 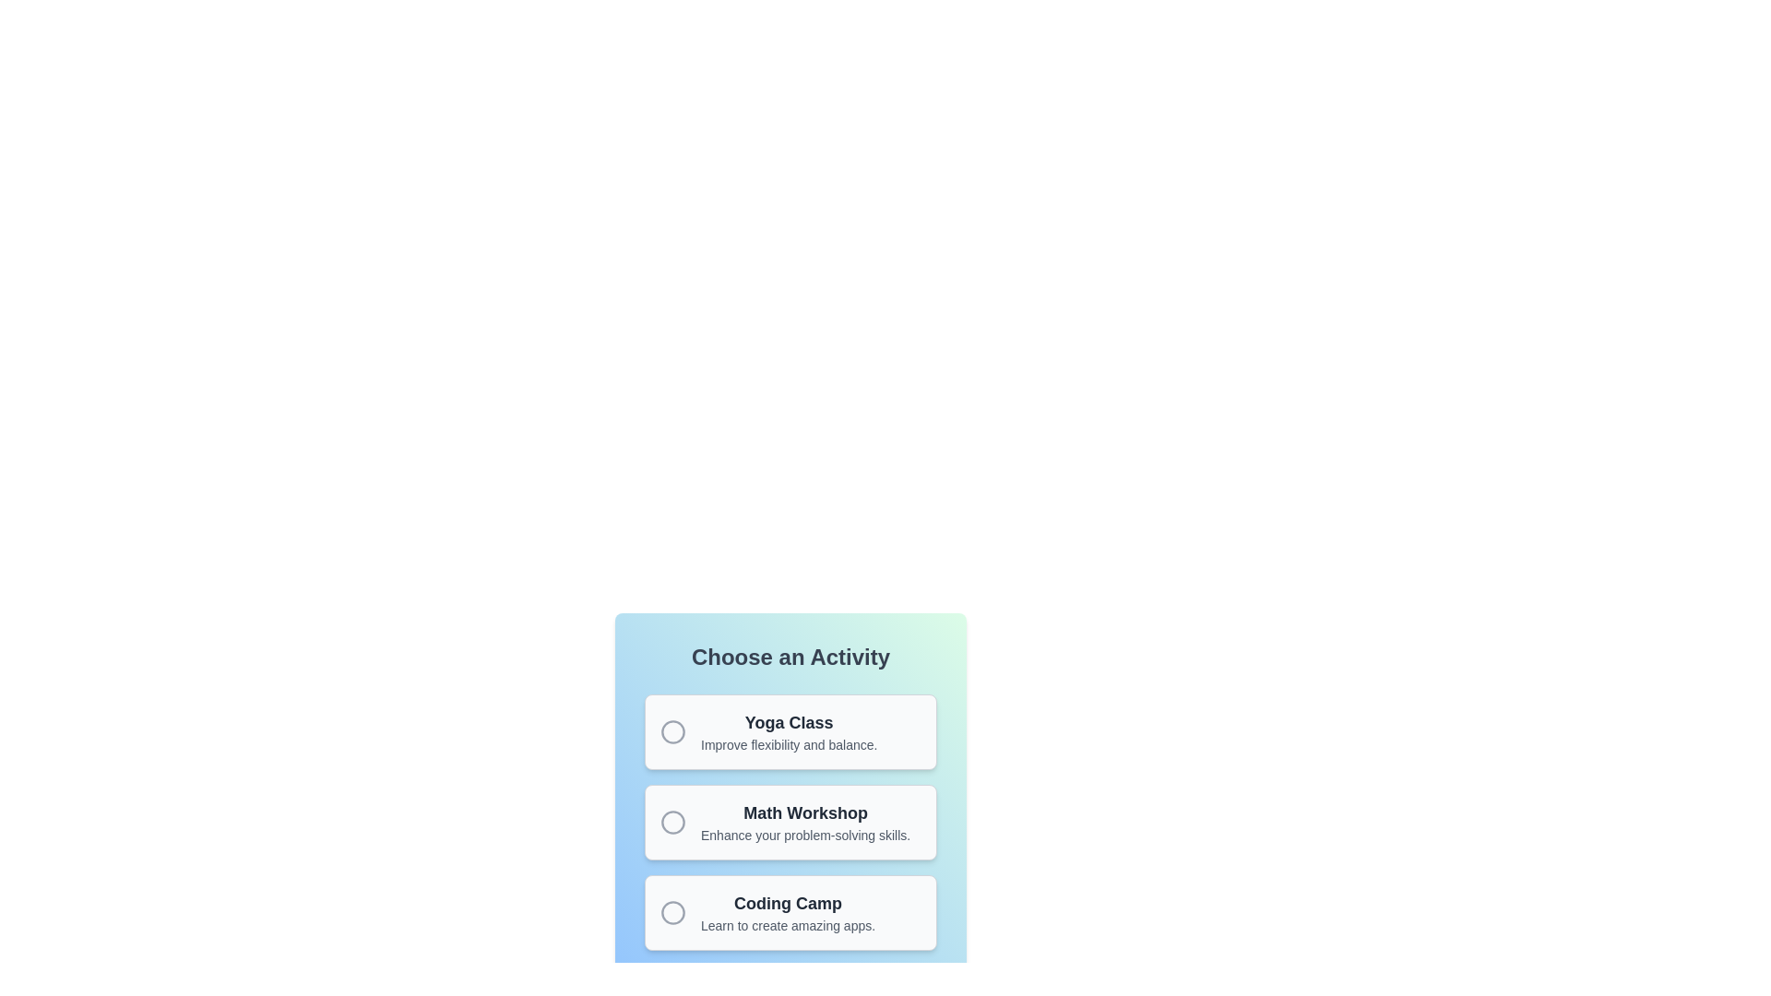 What do you see at coordinates (790, 821) in the screenshot?
I see `the second item` at bounding box center [790, 821].